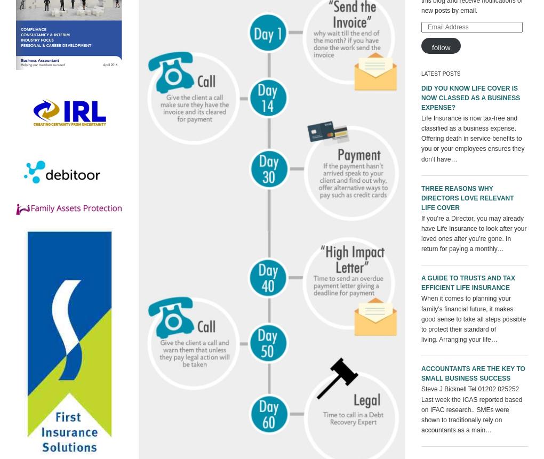 The height and width of the screenshot is (459, 544). I want to click on 'Did you know Life Cover is now classed as a business expense?', so click(420, 97).